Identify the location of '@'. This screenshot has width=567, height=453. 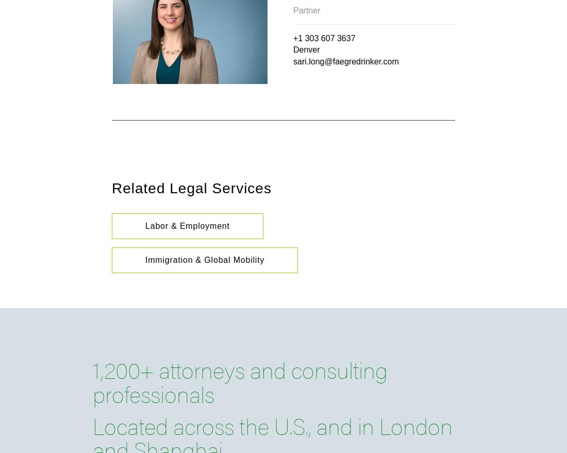
(328, 61).